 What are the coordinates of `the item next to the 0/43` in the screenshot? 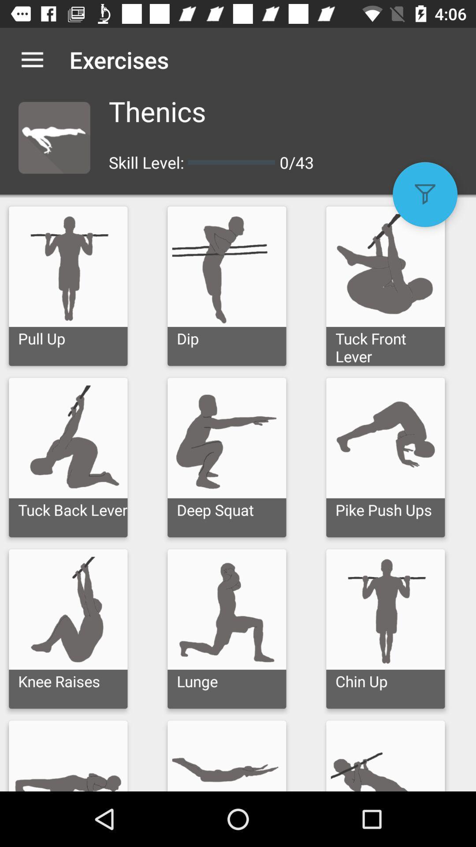 It's located at (424, 194).